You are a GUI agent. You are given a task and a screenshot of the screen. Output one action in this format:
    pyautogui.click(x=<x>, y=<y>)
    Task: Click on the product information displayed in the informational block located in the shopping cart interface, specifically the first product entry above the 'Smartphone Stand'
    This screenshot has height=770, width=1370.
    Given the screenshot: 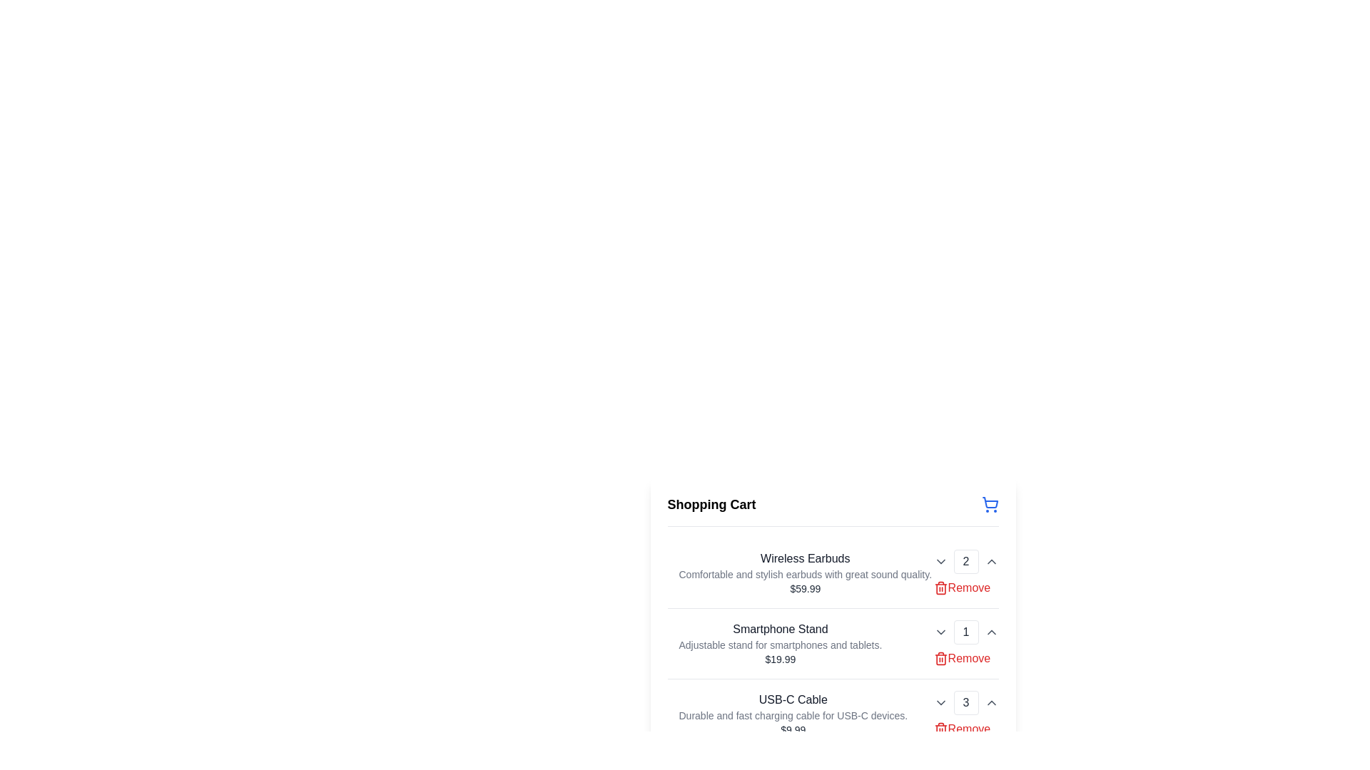 What is the action you would take?
    pyautogui.click(x=799, y=572)
    